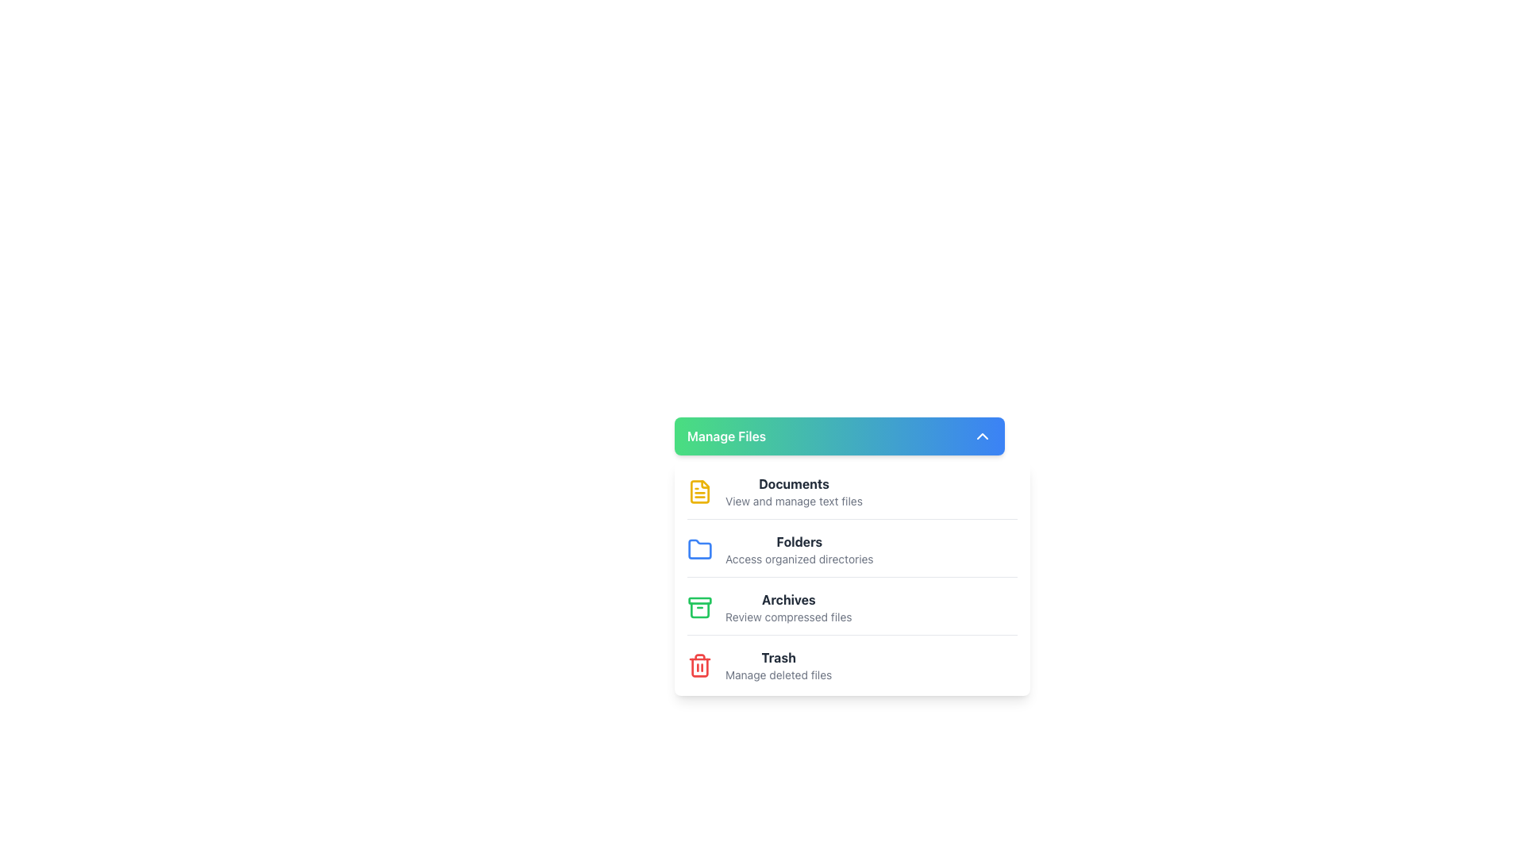 The height and width of the screenshot is (857, 1524). I want to click on the explanatory text element that provides context for the 'Documents' section, located below the 'Documents' header, so click(794, 502).